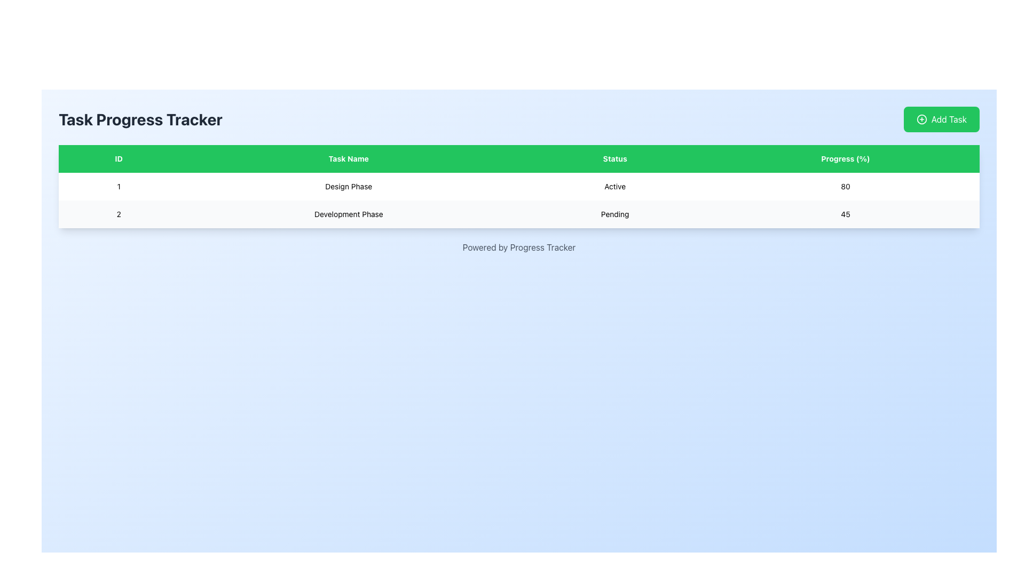 The image size is (1025, 576). What do you see at coordinates (349, 186) in the screenshot?
I see `the 'Design Phase' text label located in the second column of the first data row of the table, which is between the 'ID' and 'Status' columns` at bounding box center [349, 186].